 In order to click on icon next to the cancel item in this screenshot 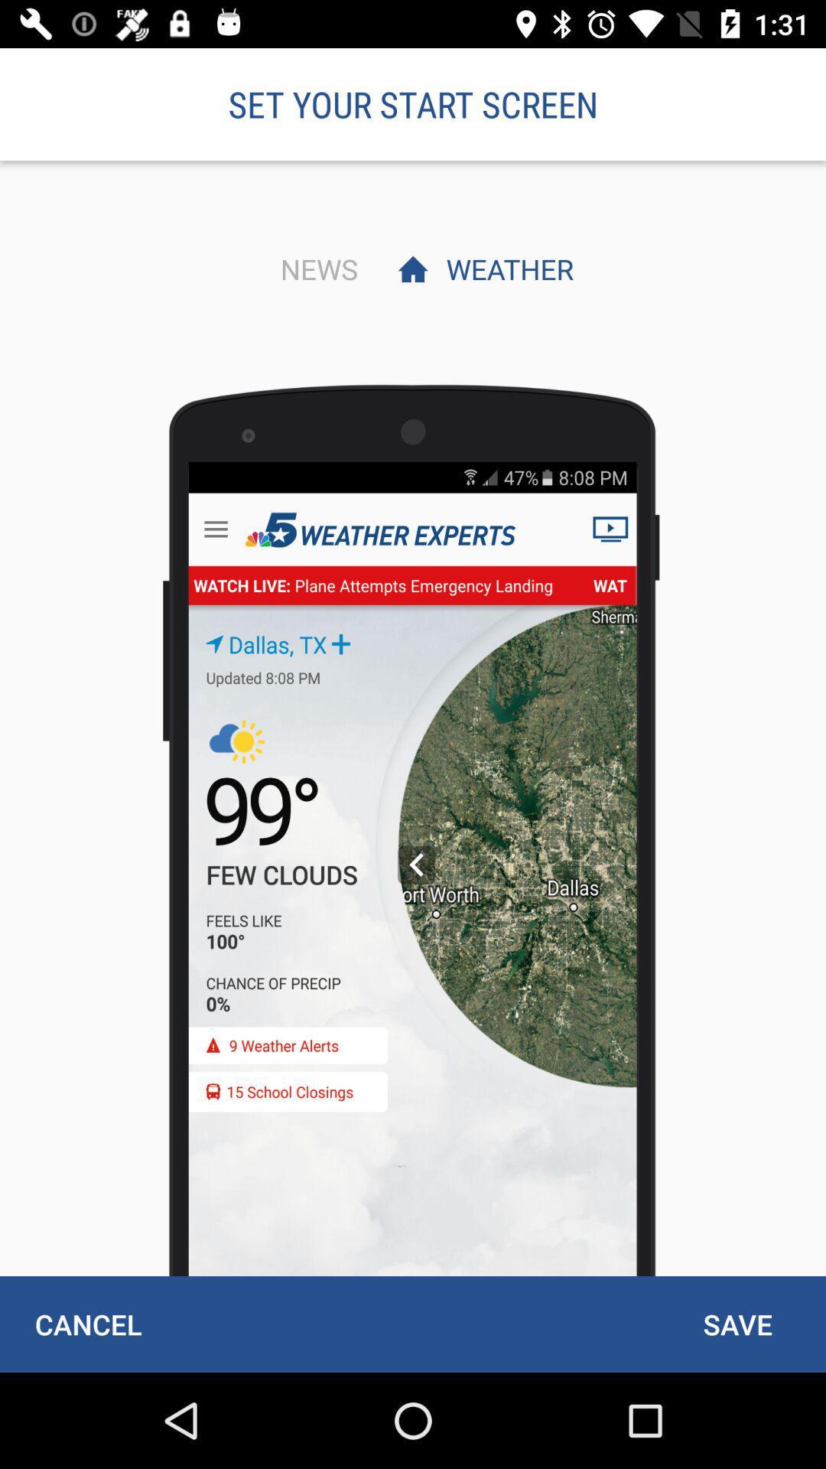, I will do `click(737, 1324)`.